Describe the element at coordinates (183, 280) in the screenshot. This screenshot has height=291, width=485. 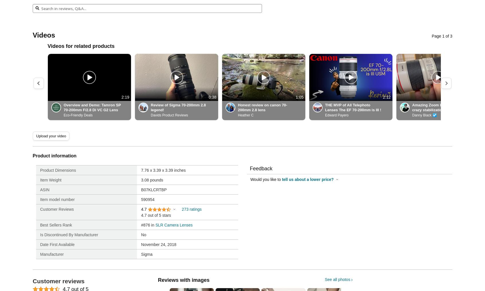
I see `'Reviews with images'` at that location.